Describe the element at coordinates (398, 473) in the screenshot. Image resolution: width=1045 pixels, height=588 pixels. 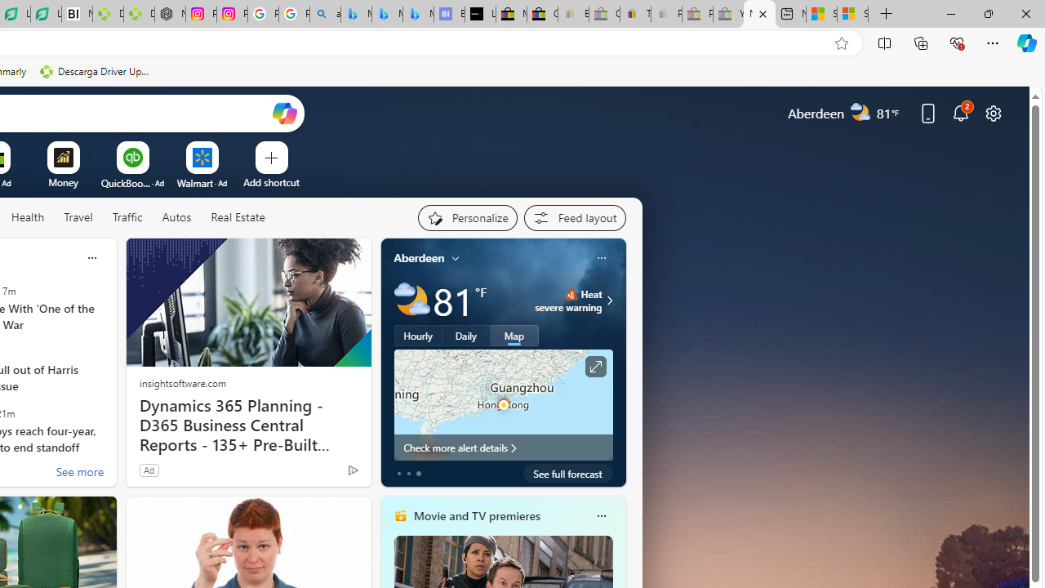
I see `'tab-0'` at that location.